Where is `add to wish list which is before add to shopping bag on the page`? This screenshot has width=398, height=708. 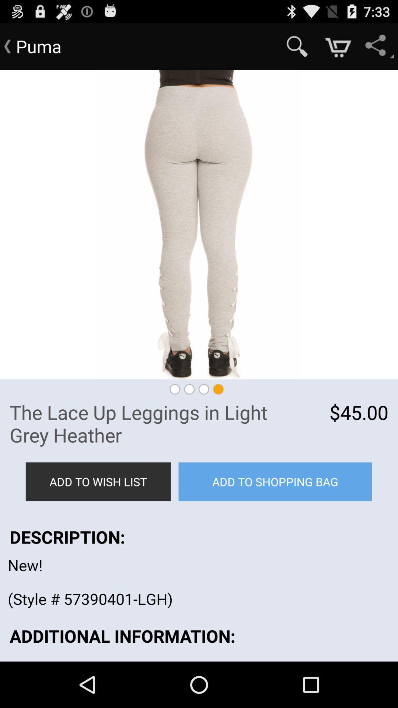
add to wish list which is before add to shopping bag on the page is located at coordinates (98, 482).